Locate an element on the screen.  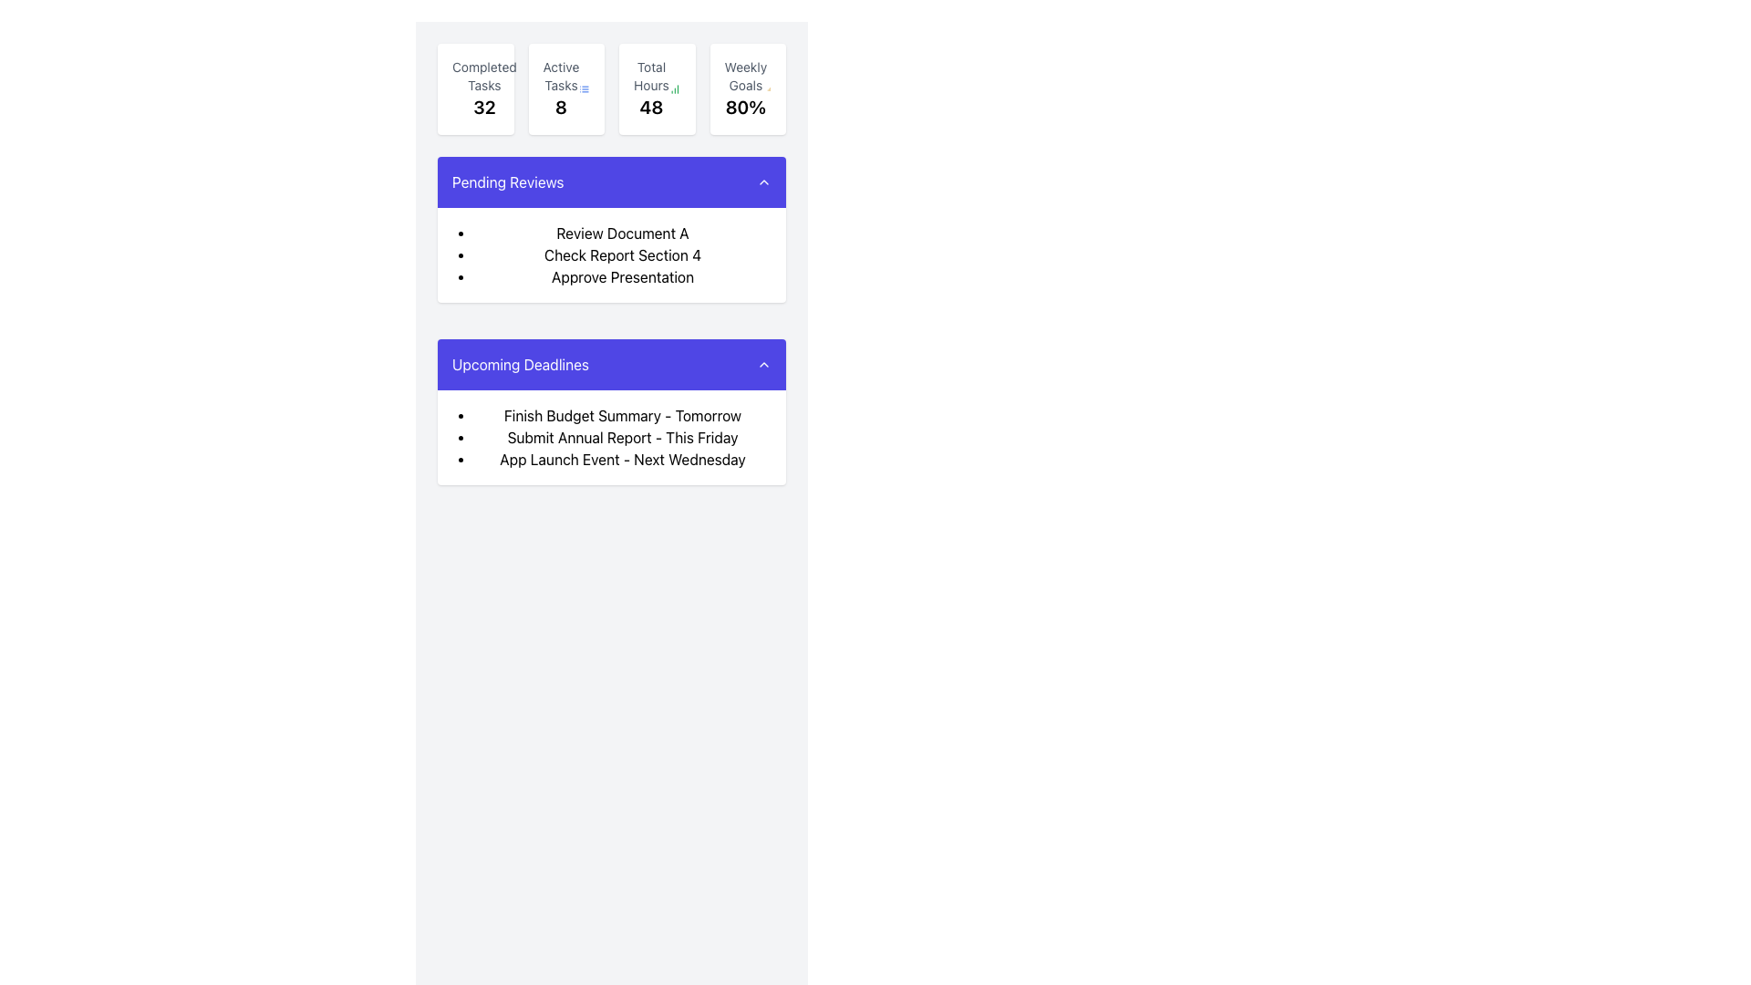
the Informational label displaying 'Active Tasks' and the number '8', which is located between 'Completed Tasks' and 'Total Hours' in a group of status indicators at the top of the display is located at coordinates (560, 88).